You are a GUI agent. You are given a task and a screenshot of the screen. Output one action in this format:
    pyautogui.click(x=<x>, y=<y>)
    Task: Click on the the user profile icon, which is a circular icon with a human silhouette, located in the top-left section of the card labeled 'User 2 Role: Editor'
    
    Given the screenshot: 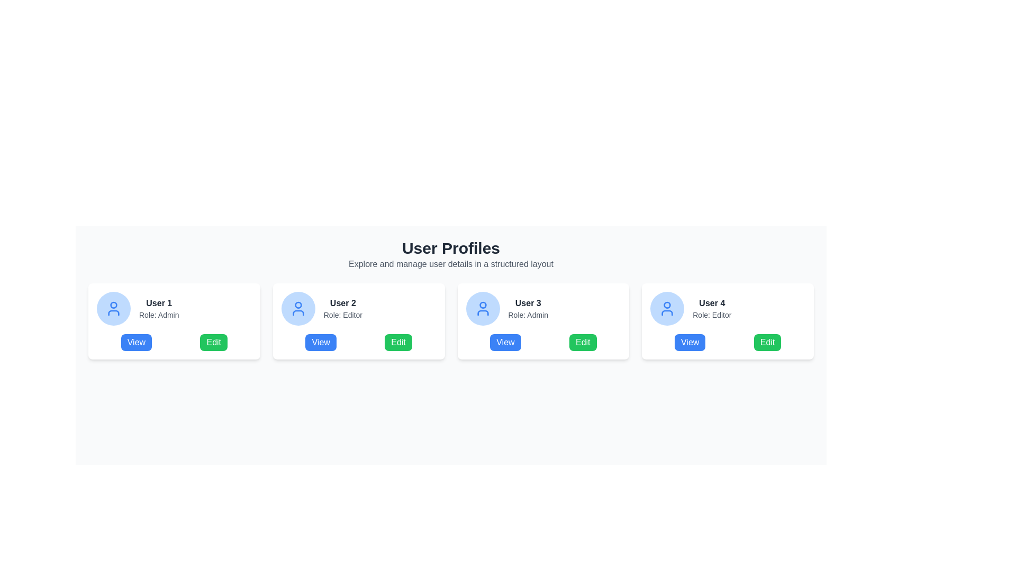 What is the action you would take?
    pyautogui.click(x=297, y=308)
    